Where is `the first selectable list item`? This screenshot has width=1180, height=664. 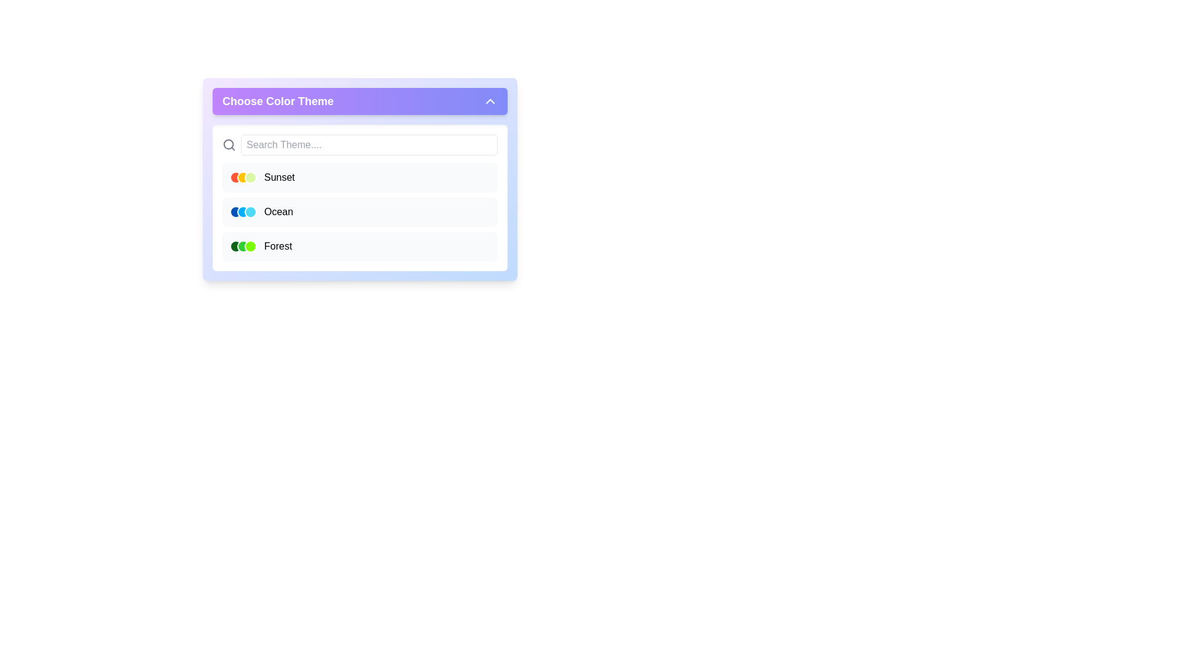 the first selectable list item is located at coordinates (359, 178).